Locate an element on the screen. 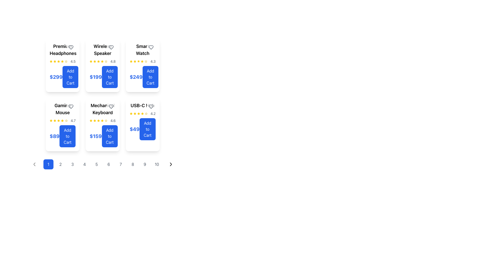  the 'Add to Cart' button located at the bottom section of the fourth card in the top row of the 'Smart Watch' product grid to trigger hover effects is located at coordinates (142, 77).